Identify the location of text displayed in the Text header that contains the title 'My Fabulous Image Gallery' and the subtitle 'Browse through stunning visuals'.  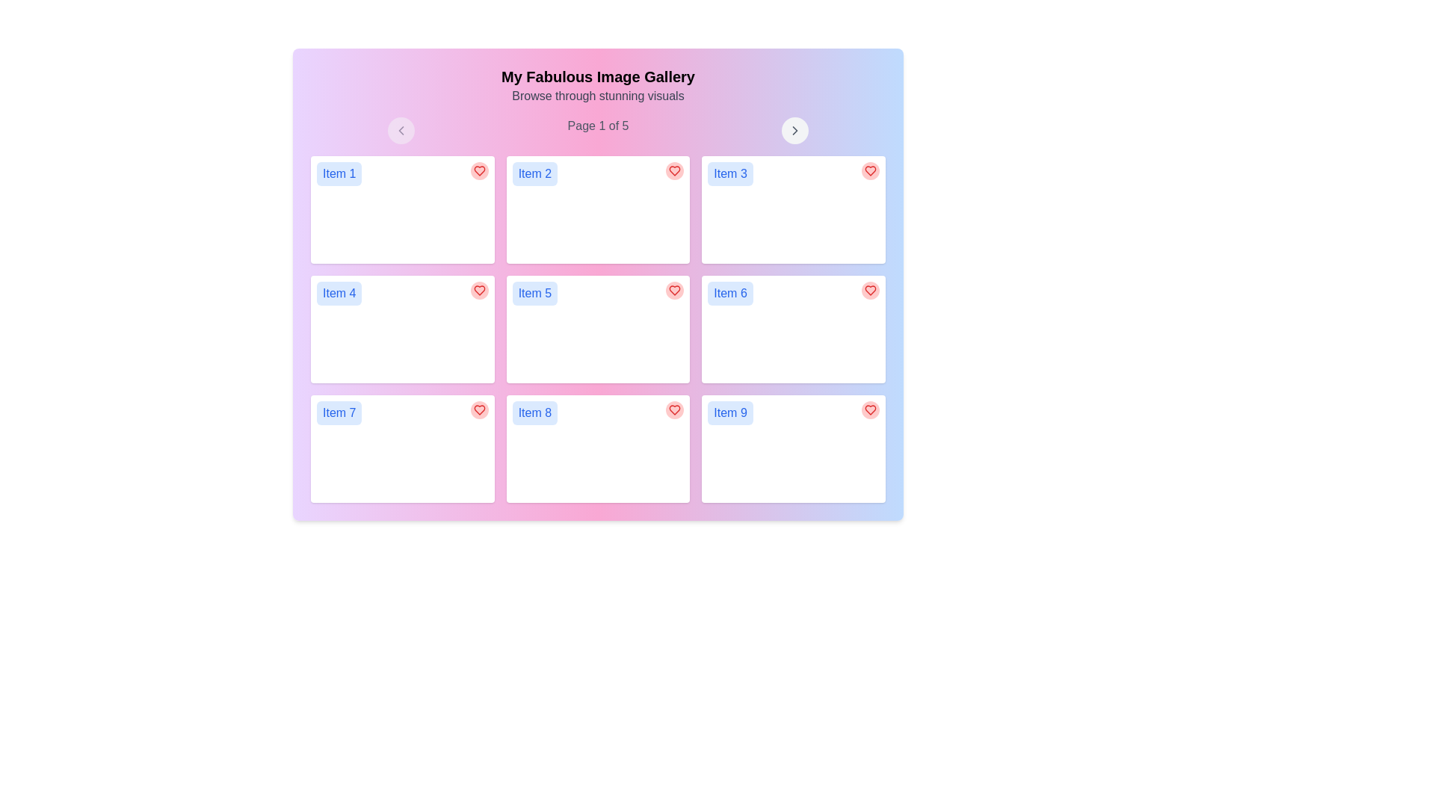
(598, 86).